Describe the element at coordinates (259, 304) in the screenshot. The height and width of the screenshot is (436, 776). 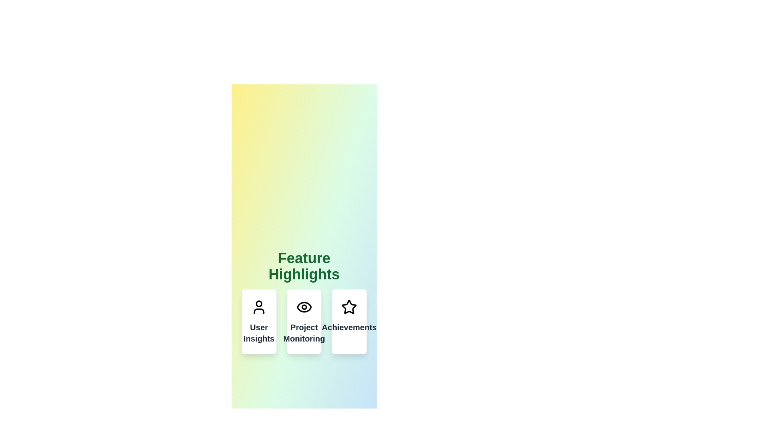
I see `the circular head icon located at the top-center of the user profile icon in the first card of the 'Feature Highlights' section` at that location.